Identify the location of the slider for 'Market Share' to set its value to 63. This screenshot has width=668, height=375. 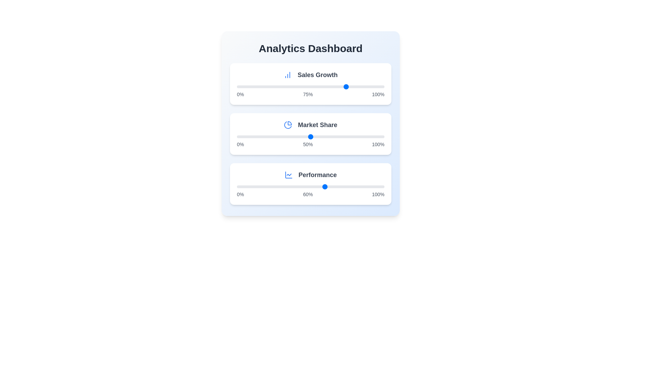
(329, 136).